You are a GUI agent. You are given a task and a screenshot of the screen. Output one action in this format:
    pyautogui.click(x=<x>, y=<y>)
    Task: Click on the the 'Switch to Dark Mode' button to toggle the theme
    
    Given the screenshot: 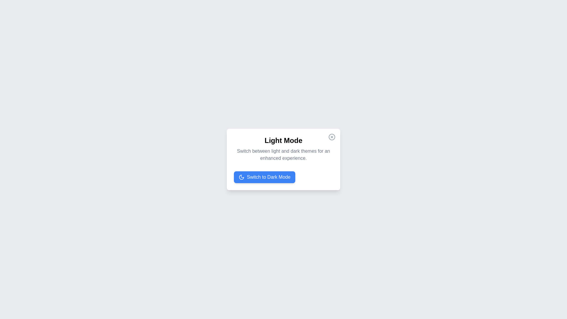 What is the action you would take?
    pyautogui.click(x=264, y=177)
    